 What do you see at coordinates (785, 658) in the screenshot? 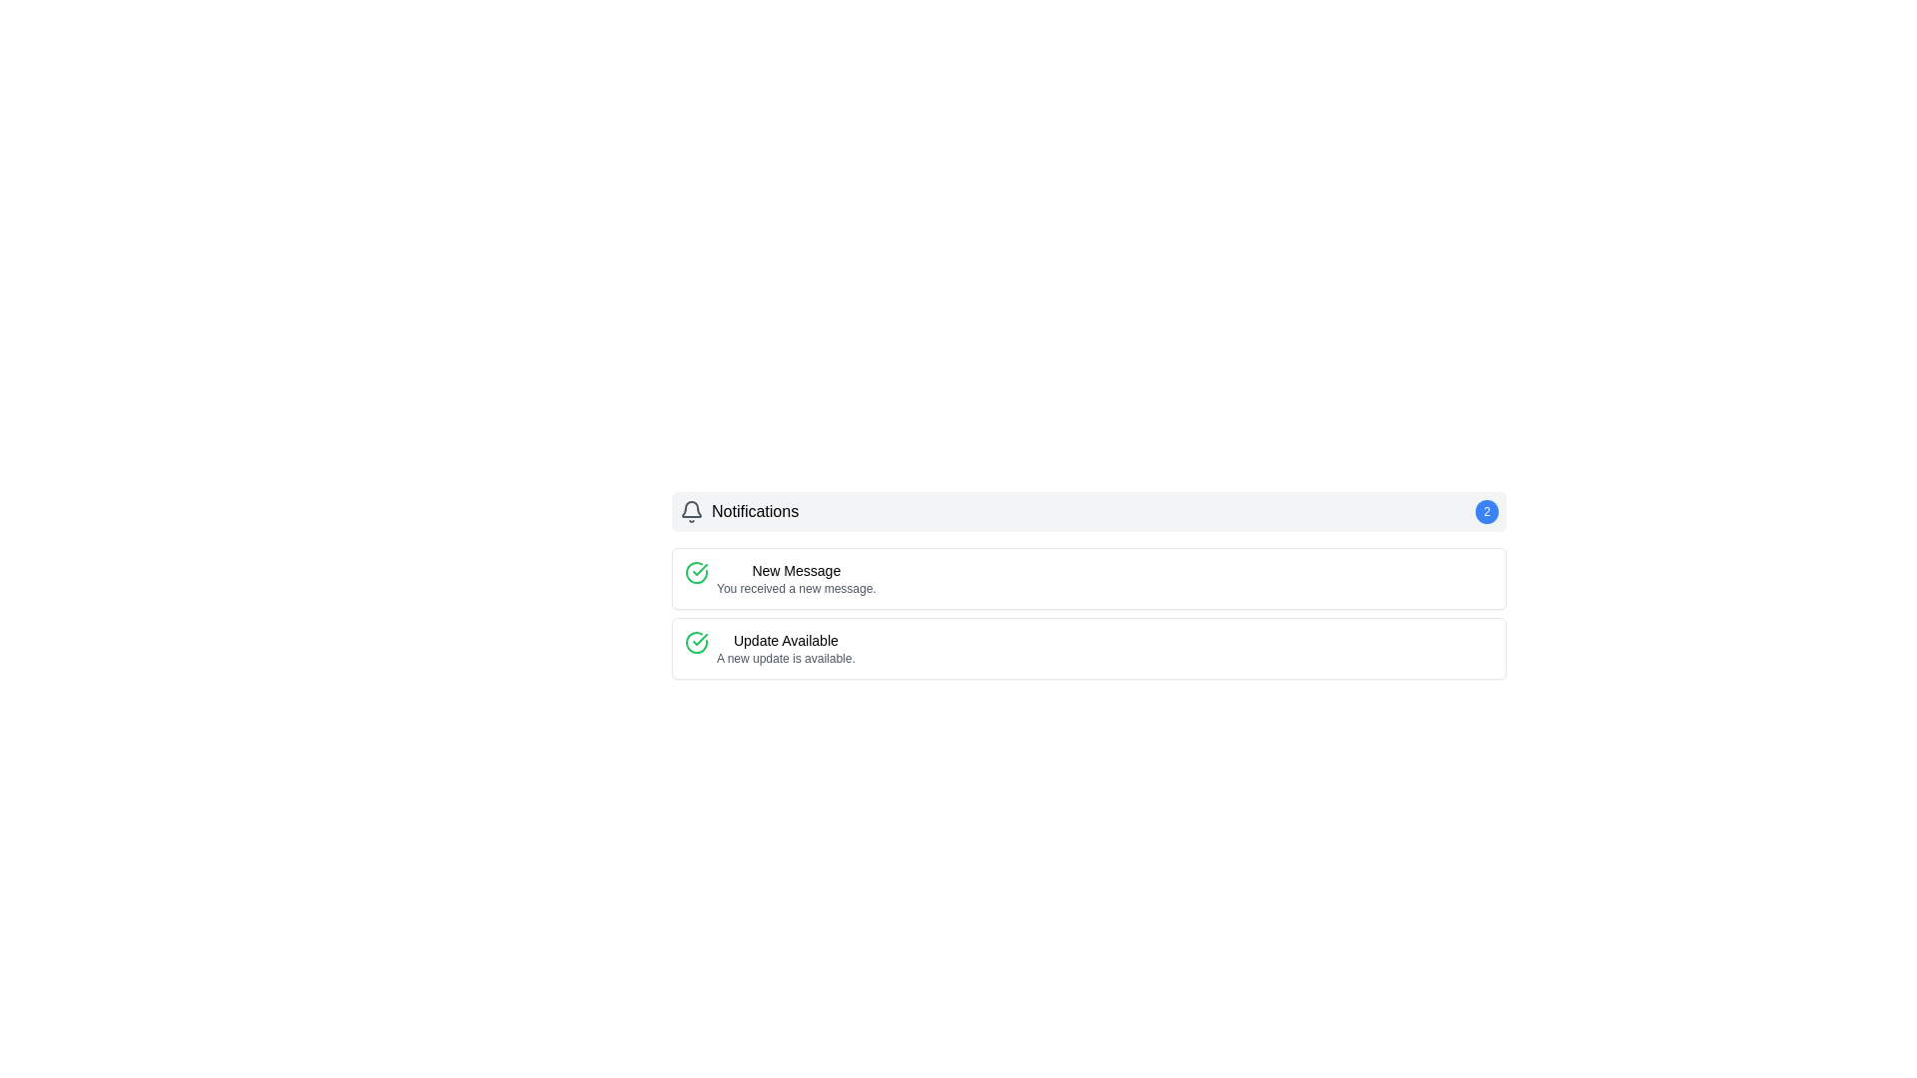
I see `the text label displaying 'A new update is available.' which is positioned directly below the heading 'Update Available.' in the notification panel` at bounding box center [785, 658].